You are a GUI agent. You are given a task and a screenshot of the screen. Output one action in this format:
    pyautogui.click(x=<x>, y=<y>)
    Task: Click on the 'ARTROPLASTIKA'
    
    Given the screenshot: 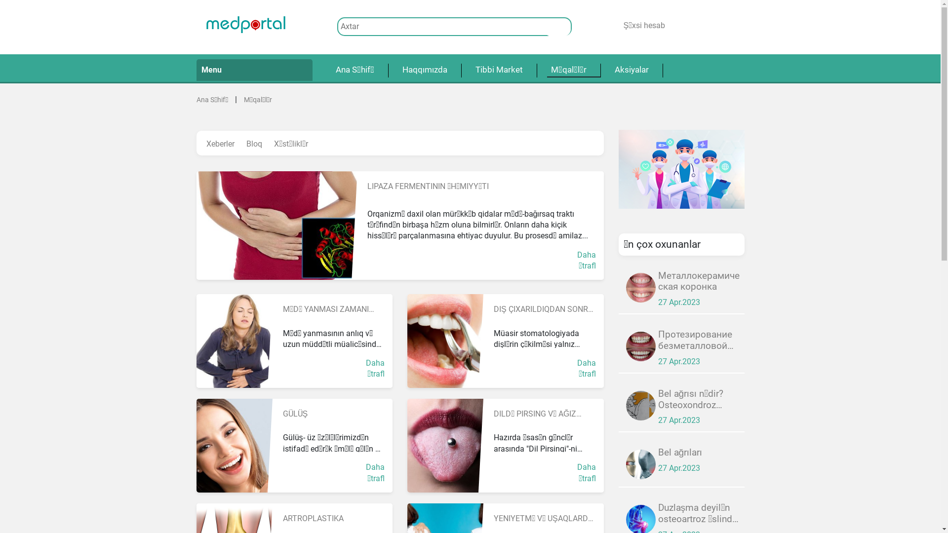 What is the action you would take?
    pyautogui.click(x=281, y=518)
    